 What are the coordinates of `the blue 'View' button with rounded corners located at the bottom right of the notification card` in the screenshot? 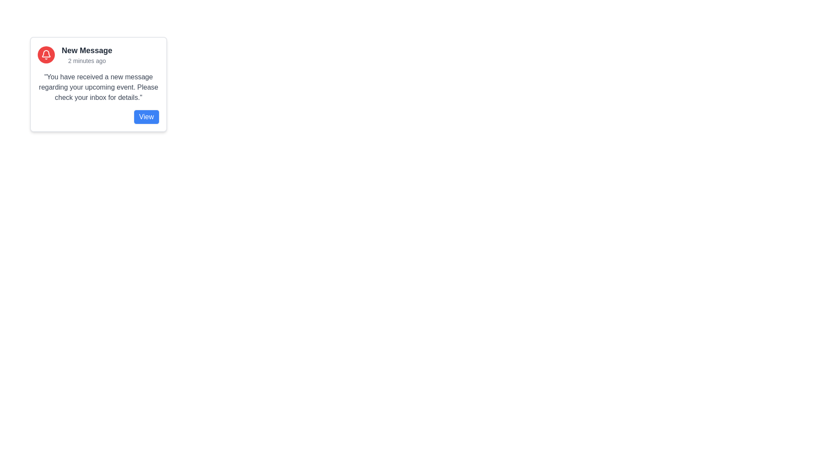 It's located at (146, 117).